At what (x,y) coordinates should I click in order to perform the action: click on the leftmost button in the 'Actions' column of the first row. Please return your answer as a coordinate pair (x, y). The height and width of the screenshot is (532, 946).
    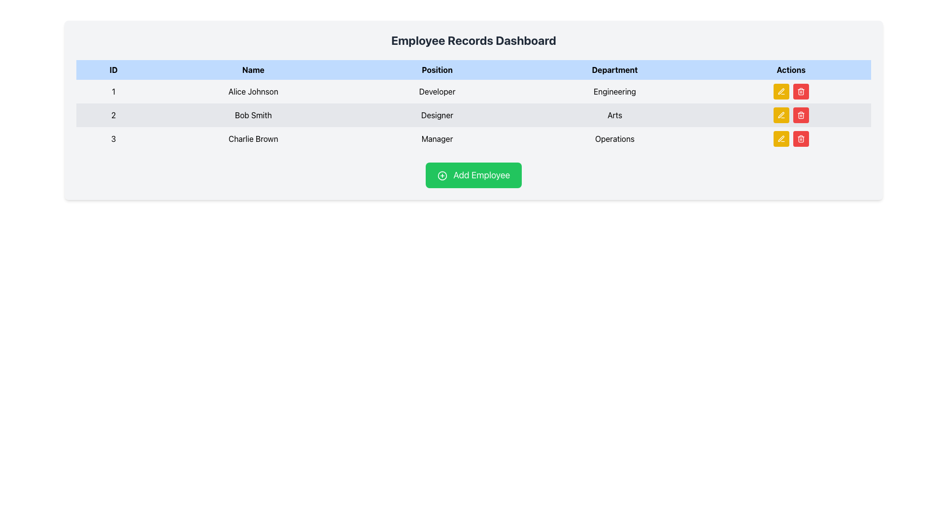
    Looking at the image, I should click on (780, 91).